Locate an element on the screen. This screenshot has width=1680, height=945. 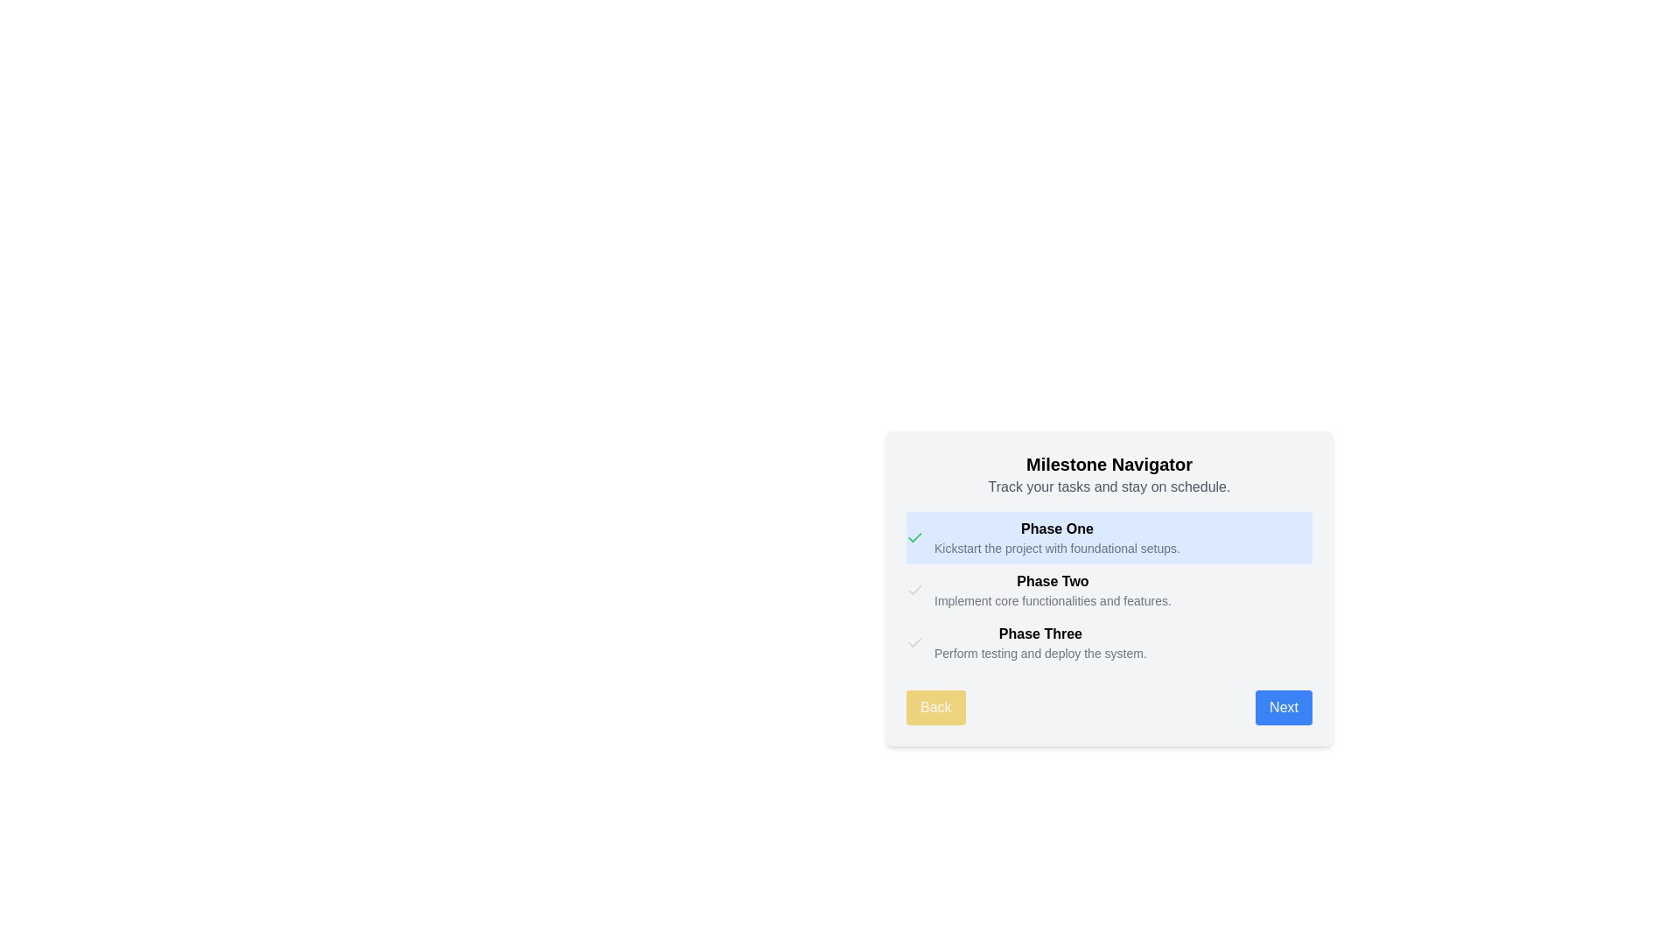
the informational text element located beneath the bold 'Phase Two' heading in the milestone list is located at coordinates (1052, 599).